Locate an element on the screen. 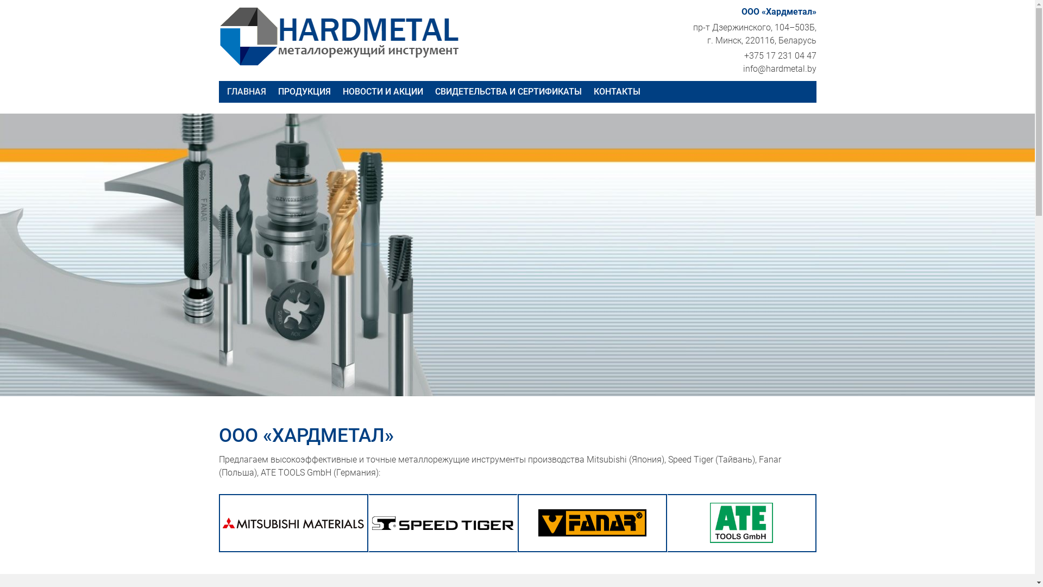 The image size is (1043, 587). '+375 17 231 04 47' is located at coordinates (780, 55).